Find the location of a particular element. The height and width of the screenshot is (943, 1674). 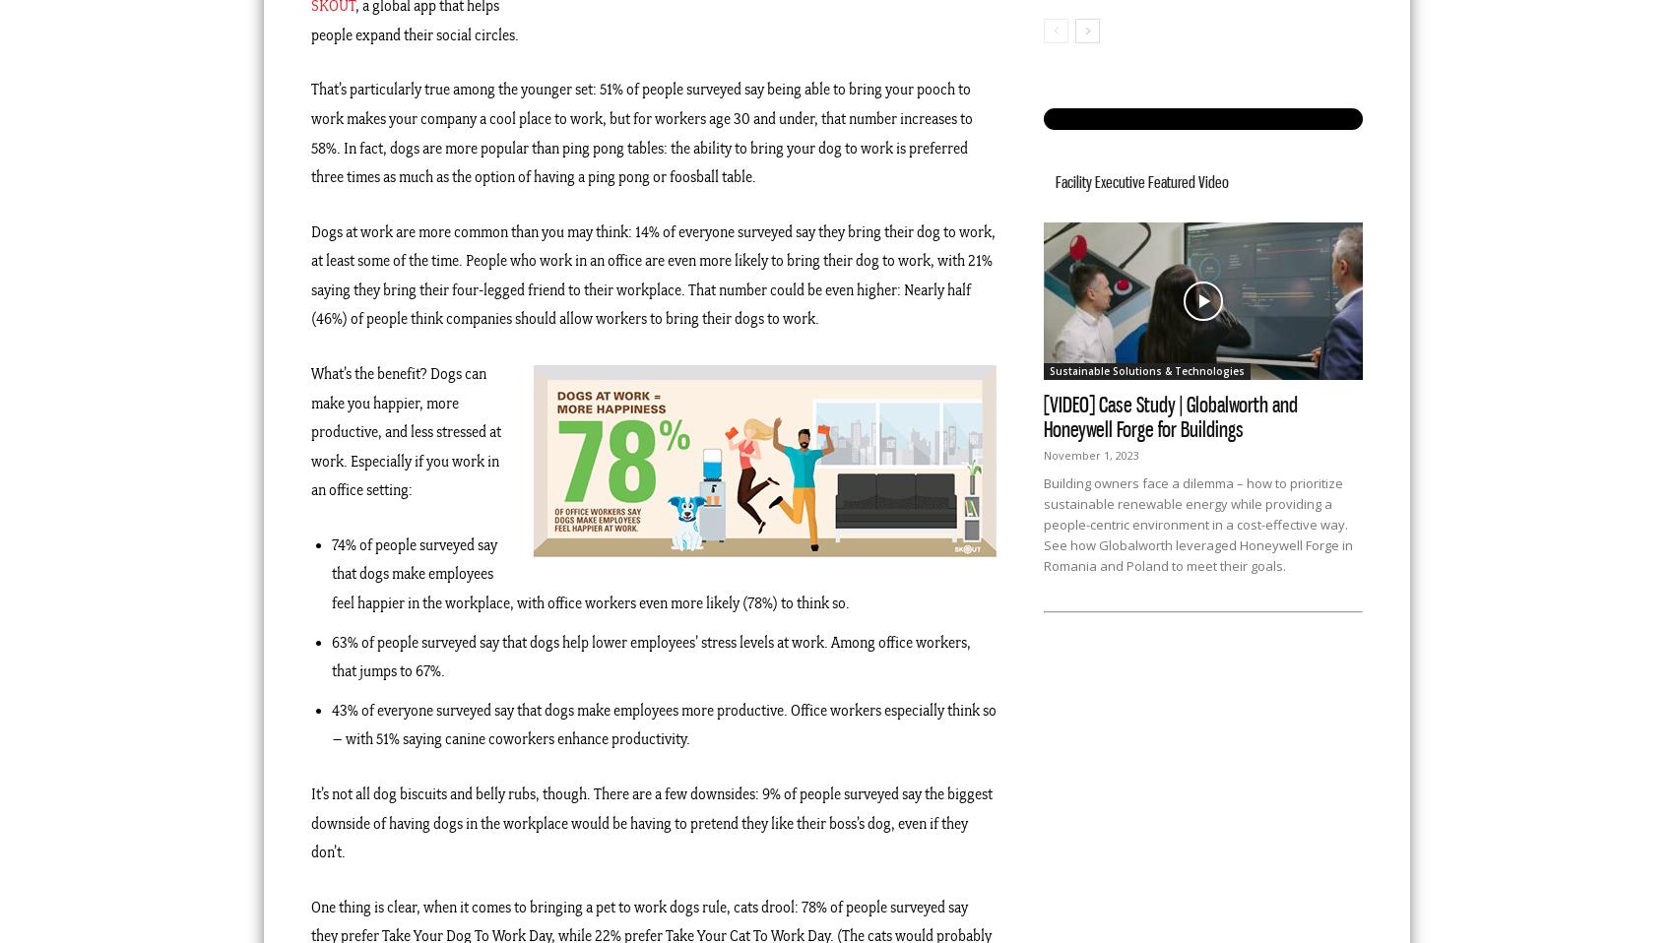

'43% of everyone surveyed say that dogs make employees more productive. Office workers especially think so – with 51% saying canine coworkers enhance productivity.' is located at coordinates (664, 723).